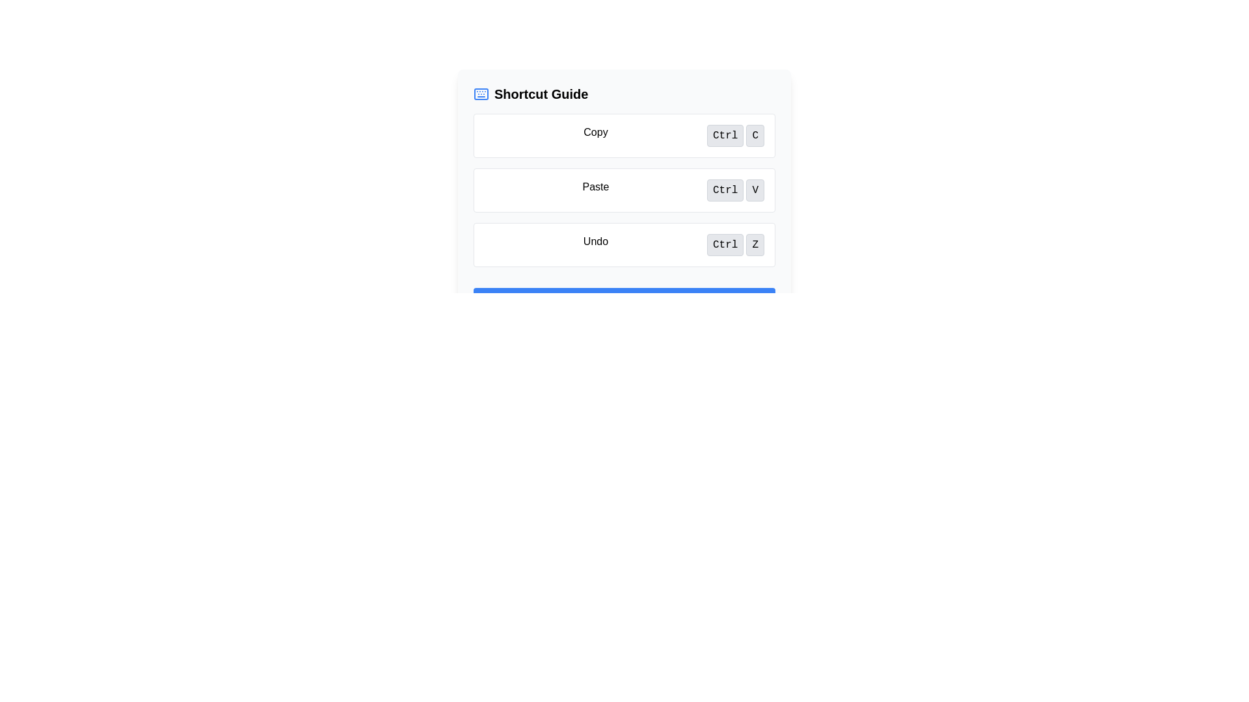 This screenshot has width=1249, height=702. What do you see at coordinates (624, 94) in the screenshot?
I see `the heading text that serves as the title for the section providing information about keyboard shortcuts to copy it` at bounding box center [624, 94].